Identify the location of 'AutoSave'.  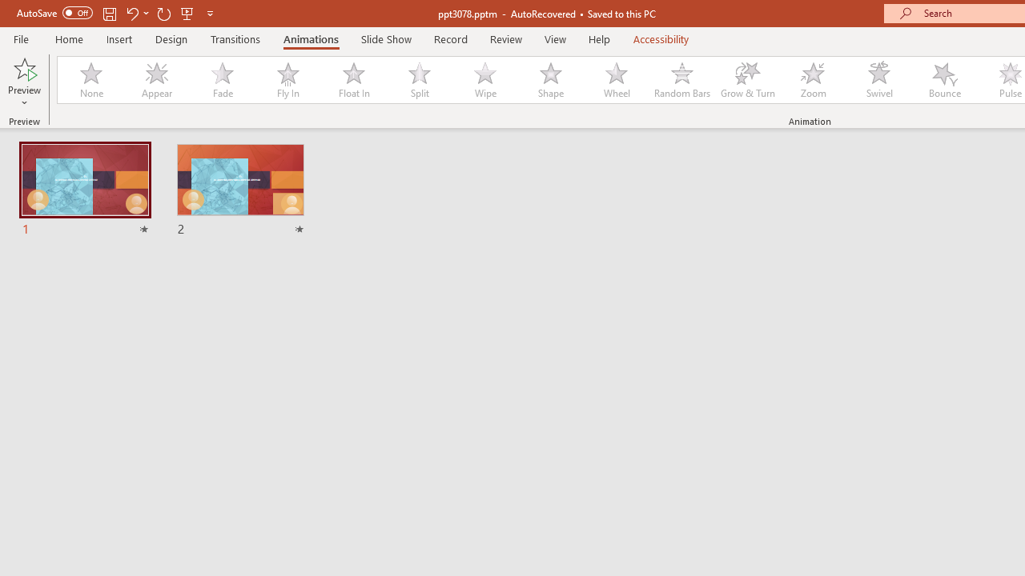
(54, 13).